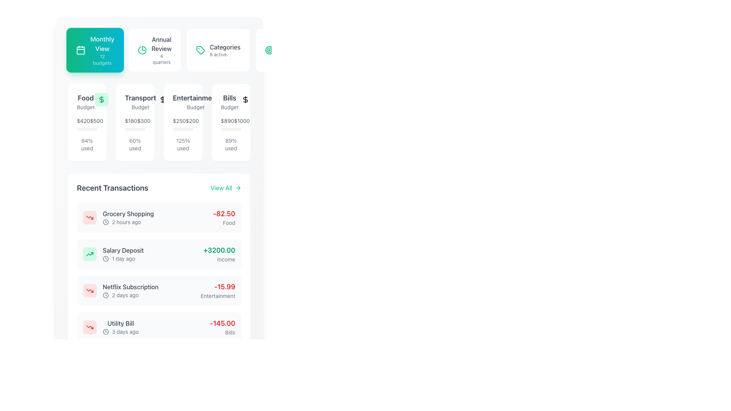  Describe the element at coordinates (222, 327) in the screenshot. I see `the textual information display element showing the amount '-145.00' in bold red font and the label 'Bills' in gray font, located in the rightmost part of the 'Utility Bill' transaction row in the 'Recent Transactions' section` at that location.